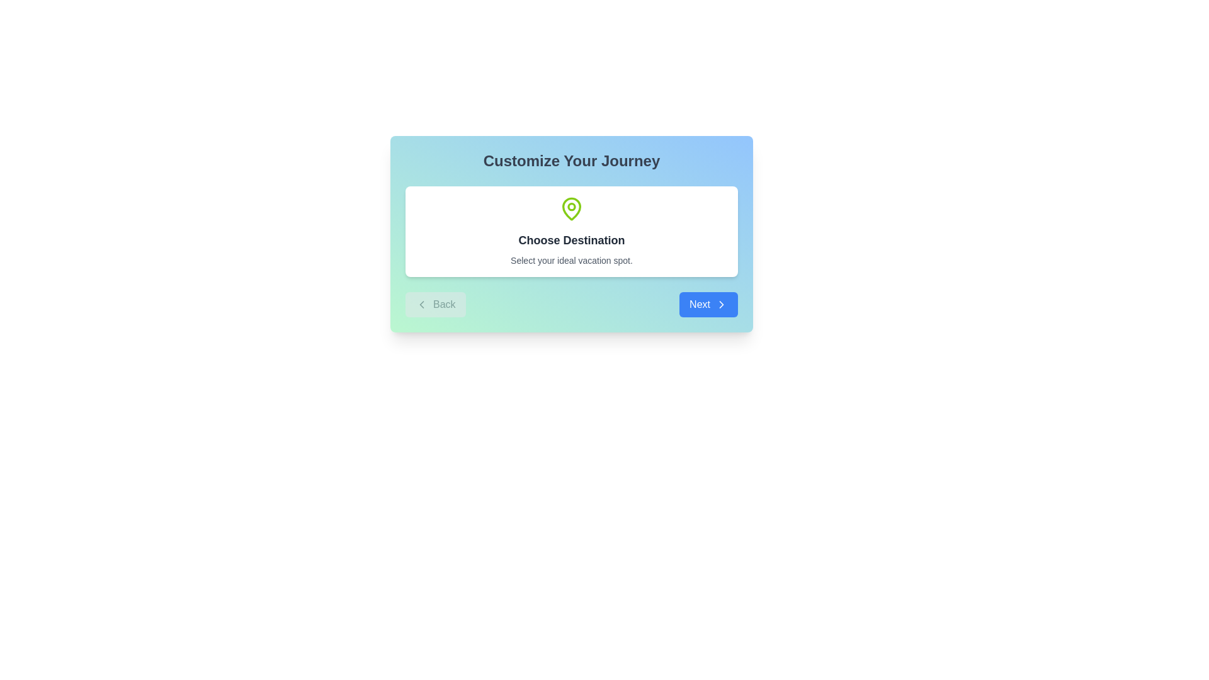 This screenshot has height=680, width=1209. I want to click on the text label that prompts 'Select your ideal vacation spot', which is located below the 'Choose Destination' text in a card interface, so click(570, 259).